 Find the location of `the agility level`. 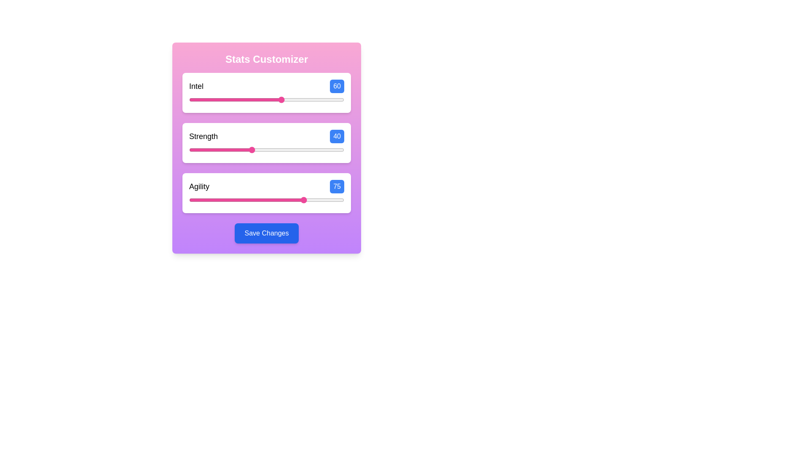

the agility level is located at coordinates (212, 200).